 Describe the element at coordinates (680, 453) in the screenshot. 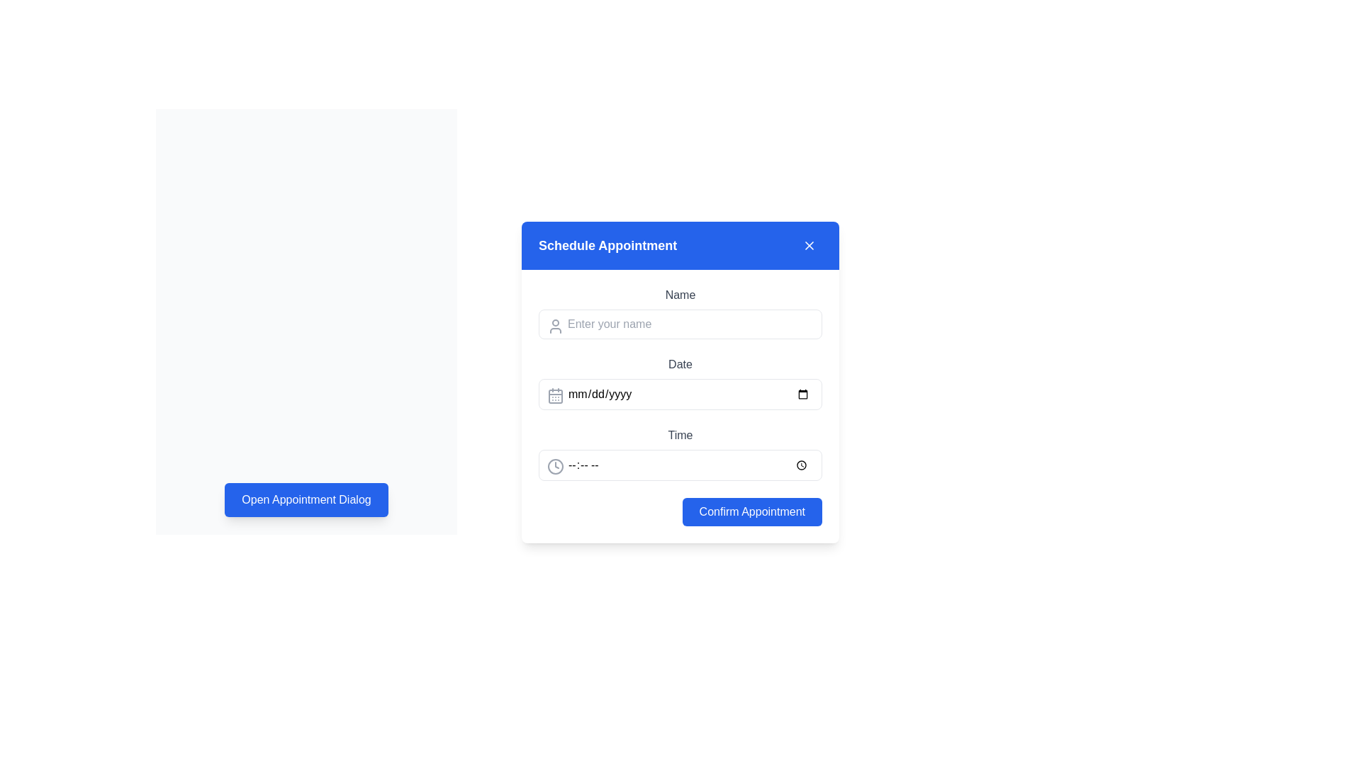

I see `the Time picker component located in the Schedule Appointment dialog` at that location.